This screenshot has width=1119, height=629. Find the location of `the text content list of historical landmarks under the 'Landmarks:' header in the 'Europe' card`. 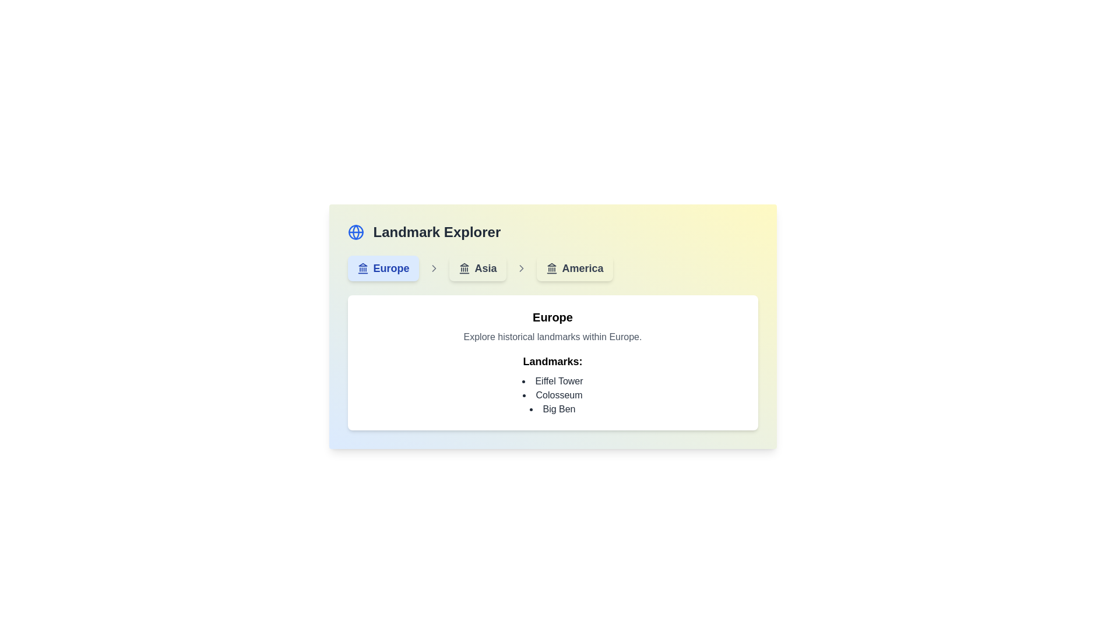

the text content list of historical landmarks under the 'Landmarks:' header in the 'Europe' card is located at coordinates (552, 394).